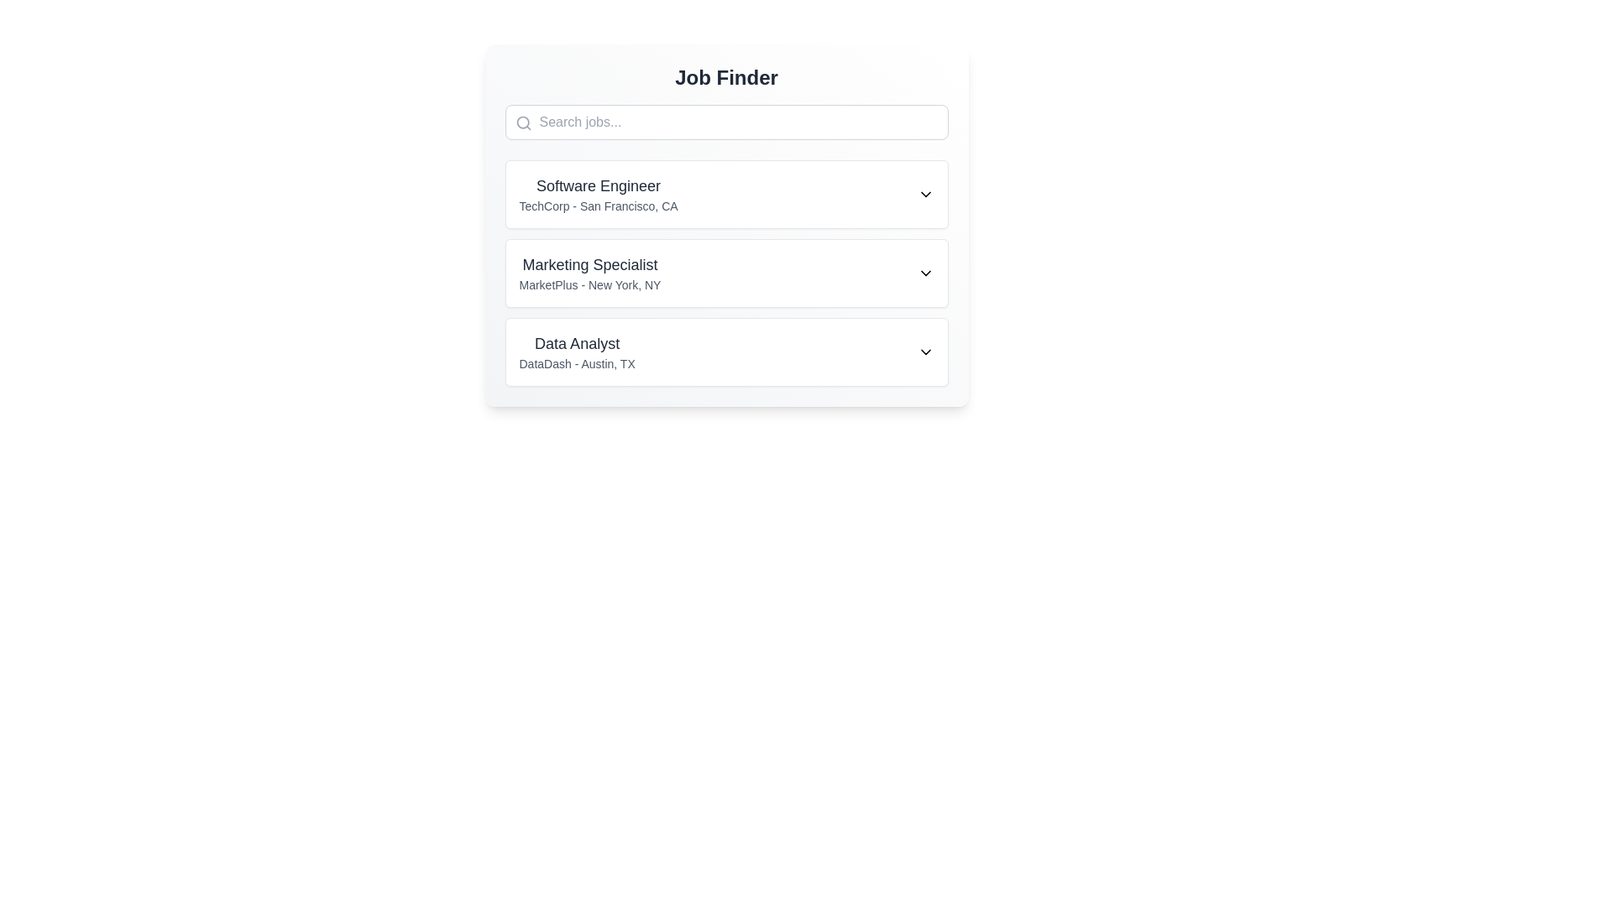 Image resolution: width=1612 pixels, height=906 pixels. What do you see at coordinates (924, 273) in the screenshot?
I see `the downward-facing chevron icon at the rightmost end of the 'Marketing Specialist' entry in the 'Job Finder' section` at bounding box center [924, 273].